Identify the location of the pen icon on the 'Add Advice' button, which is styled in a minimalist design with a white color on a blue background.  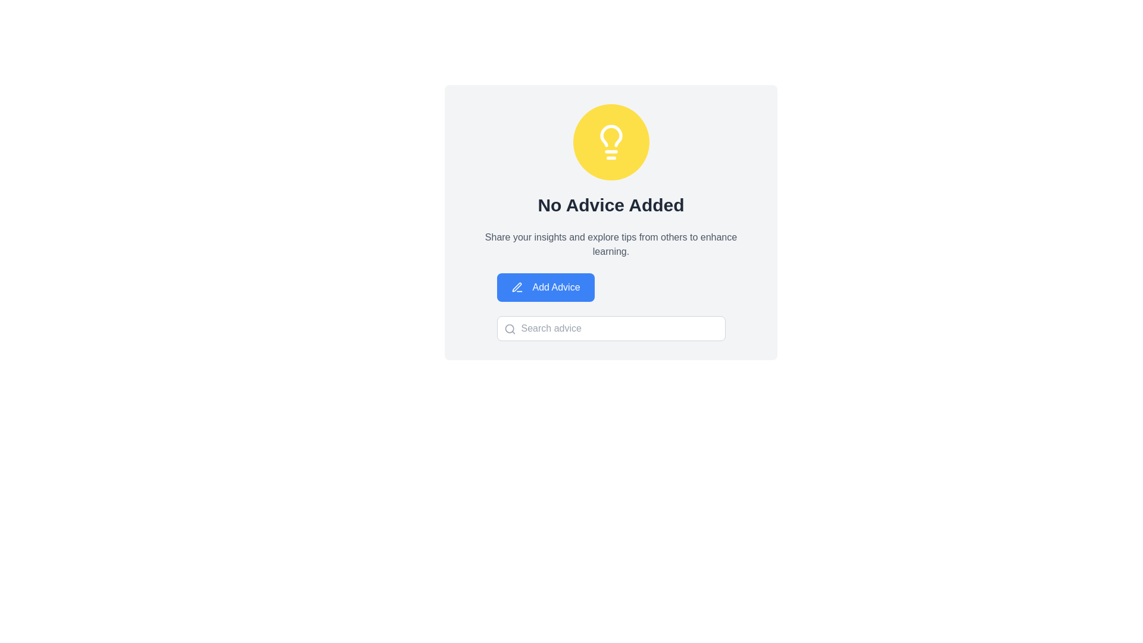
(517, 287).